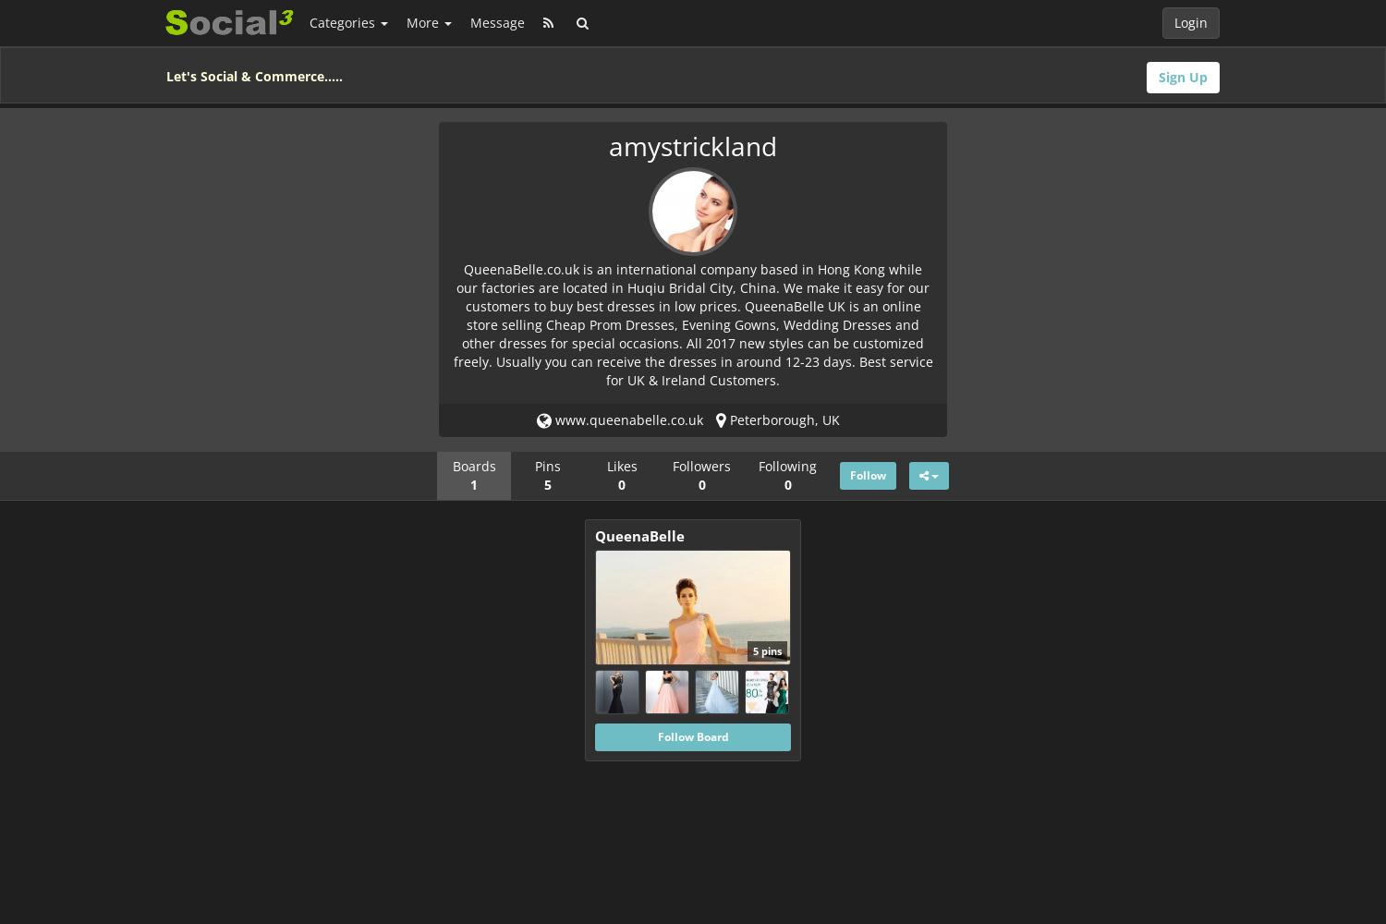 The height and width of the screenshot is (924, 1386). What do you see at coordinates (867, 474) in the screenshot?
I see `'Follow'` at bounding box center [867, 474].